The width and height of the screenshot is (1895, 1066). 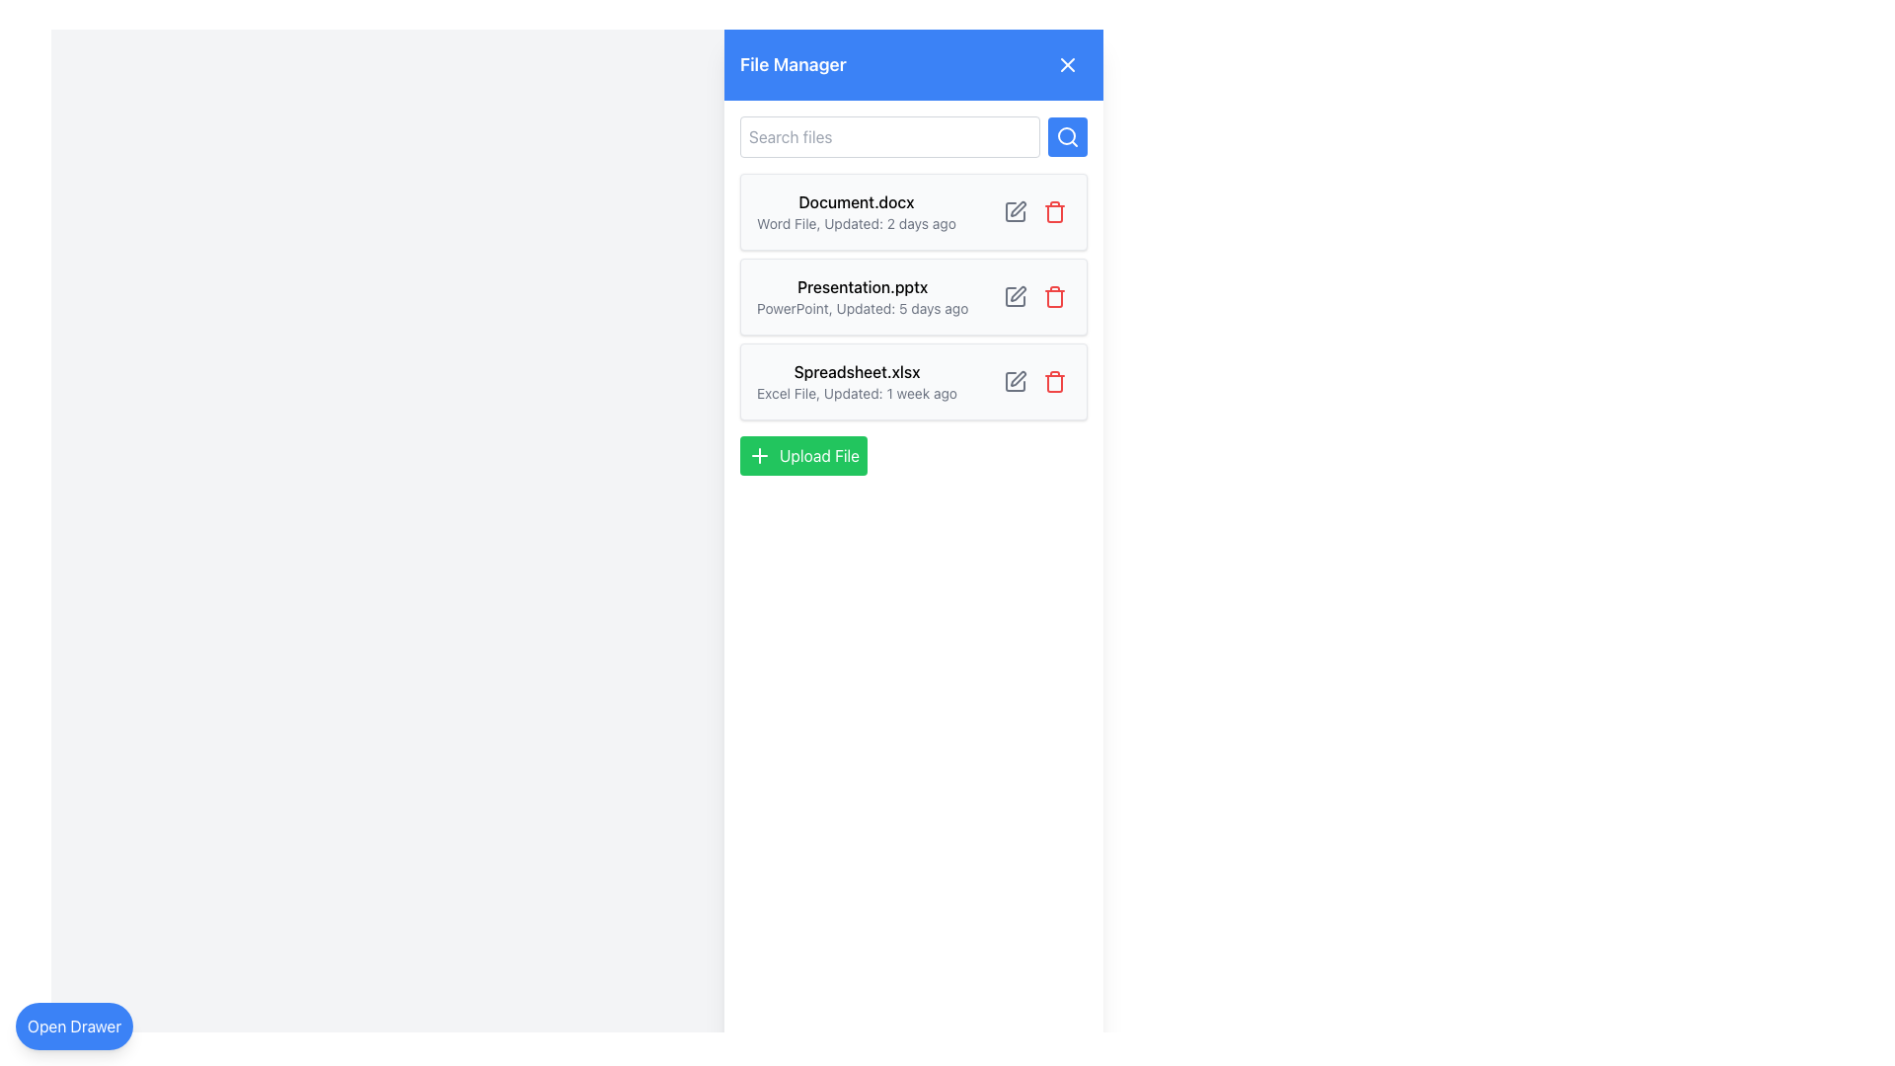 I want to click on the edit icon located on the right part of the third file entry in the document list within the file manager, so click(x=1019, y=379).